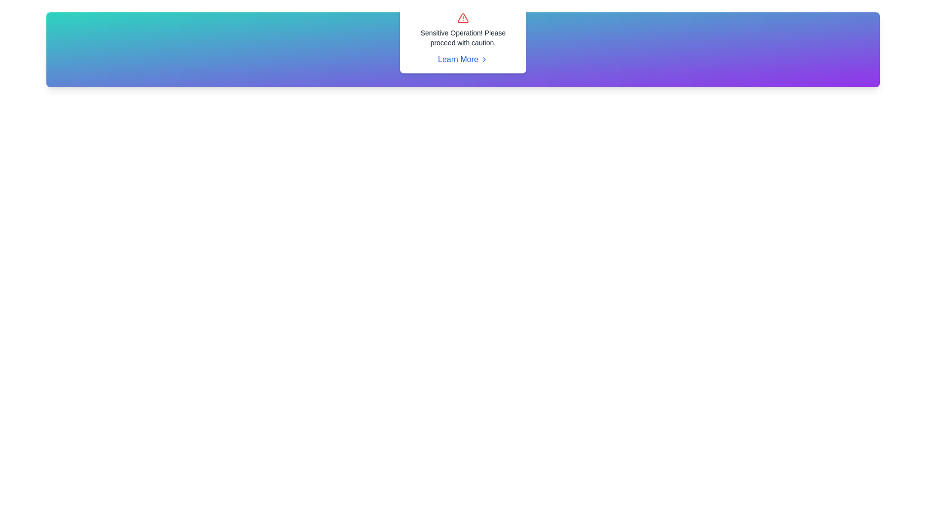  What do you see at coordinates (463, 37) in the screenshot?
I see `the text node displaying the message 'Sensitive Operation! Please proceed with caution.' which is center-aligned and positioned between a warning icon and a hyperlink labeled 'Learn More'` at bounding box center [463, 37].